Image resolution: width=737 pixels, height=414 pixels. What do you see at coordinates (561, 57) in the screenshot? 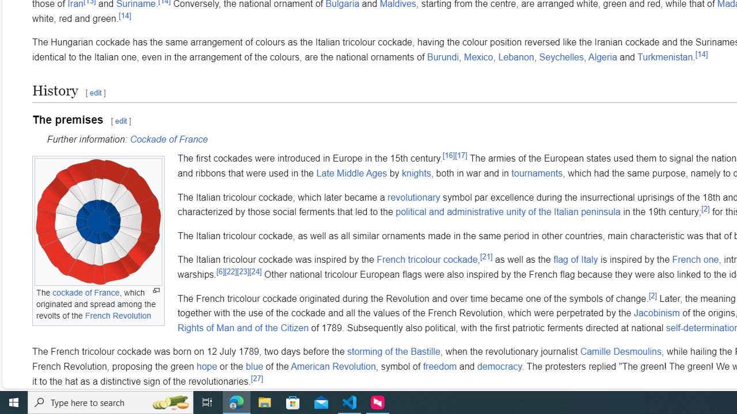
I see `'Seychelles'` at bounding box center [561, 57].